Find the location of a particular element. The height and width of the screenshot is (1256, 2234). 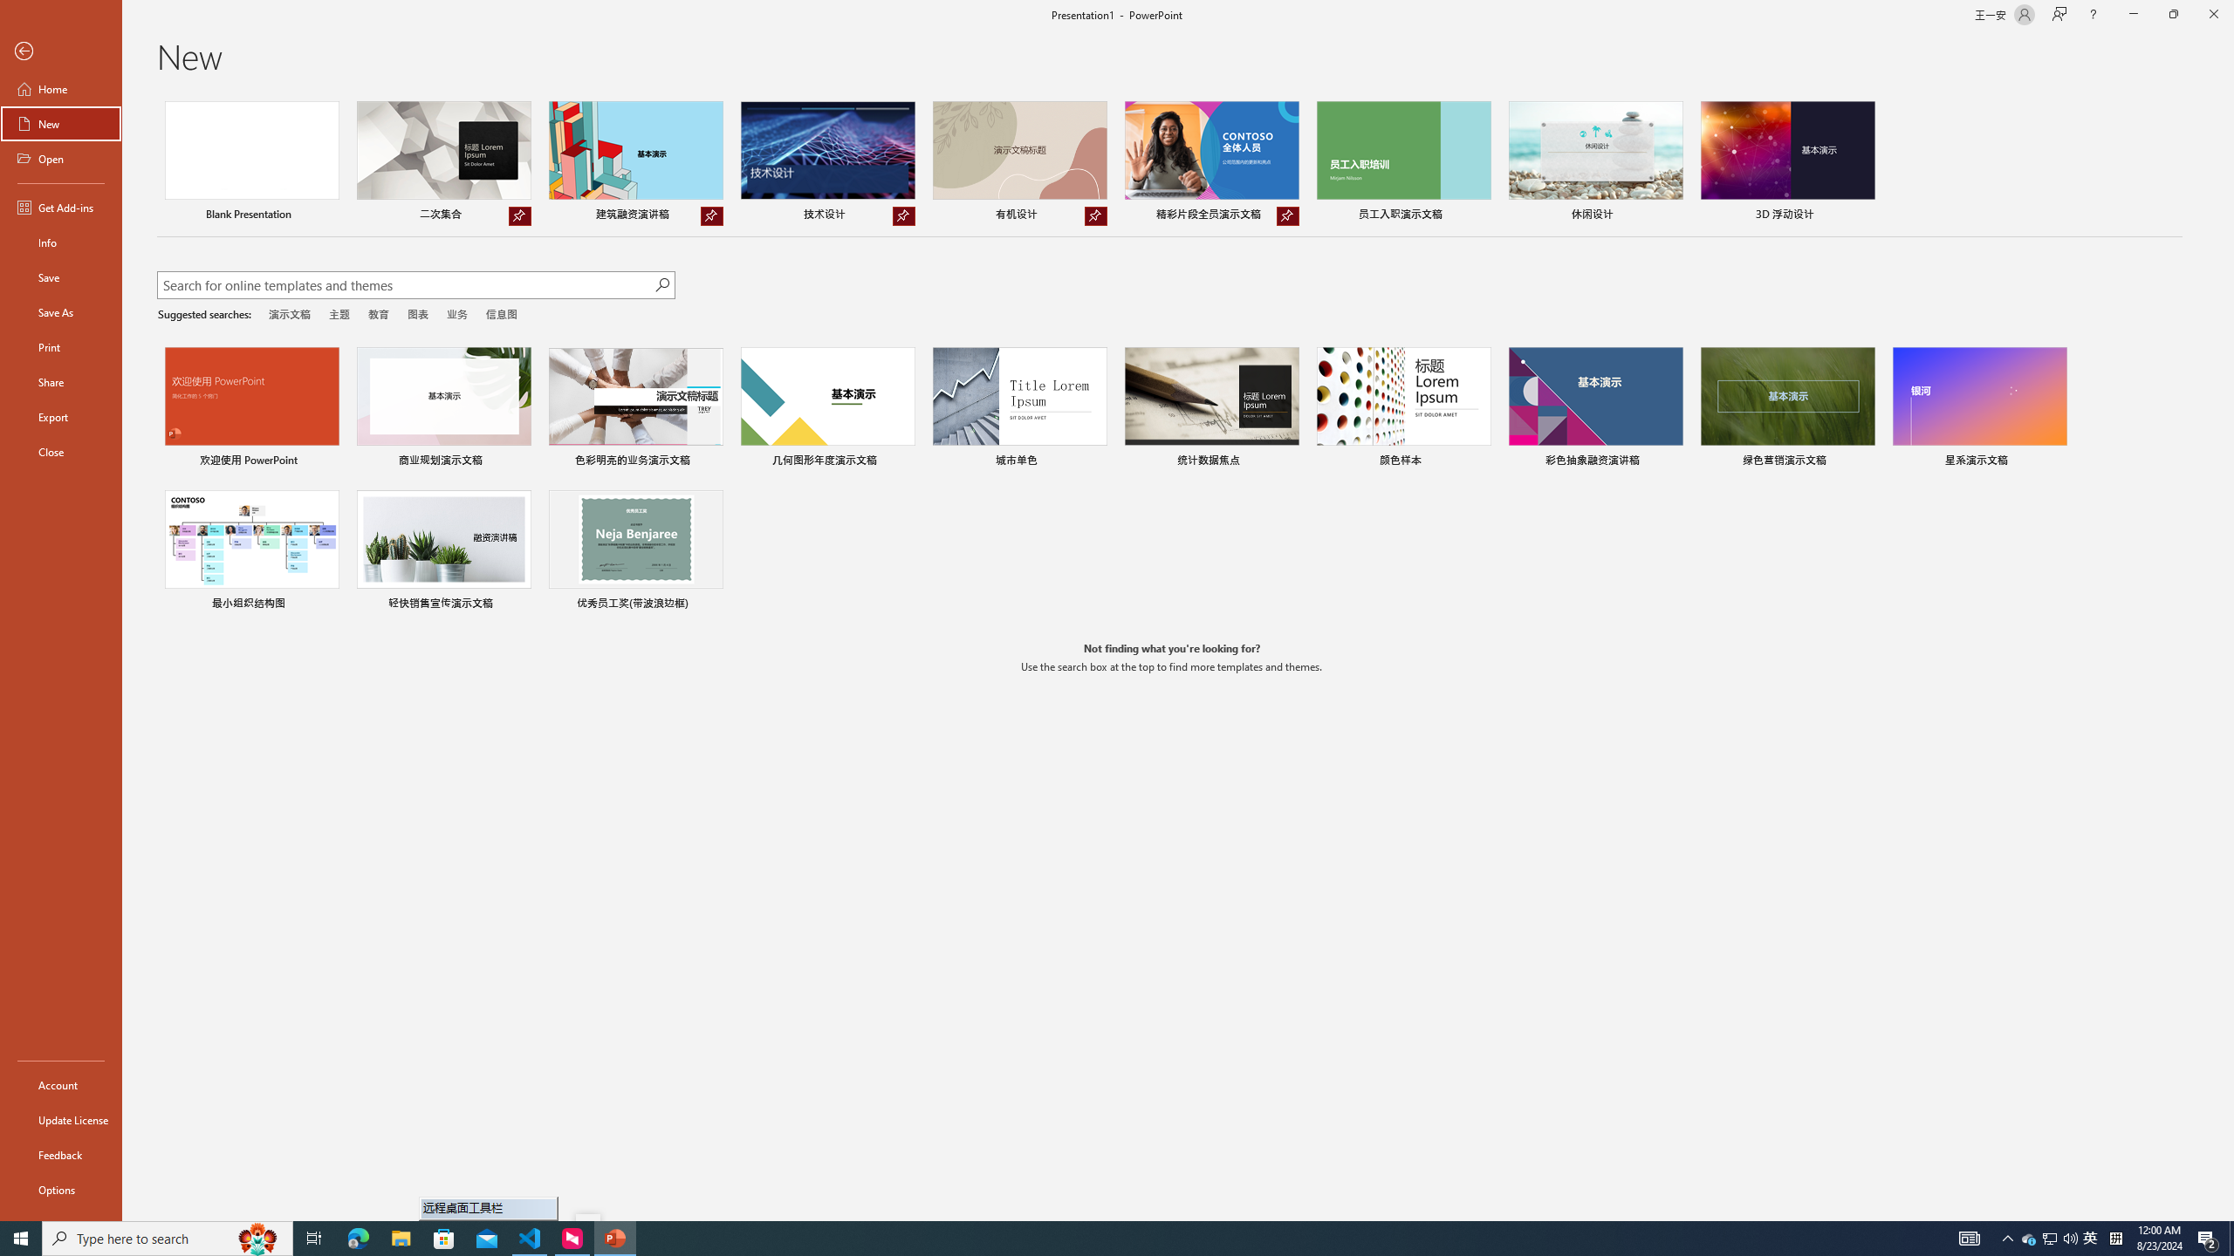

'Info' is located at coordinates (60, 241).